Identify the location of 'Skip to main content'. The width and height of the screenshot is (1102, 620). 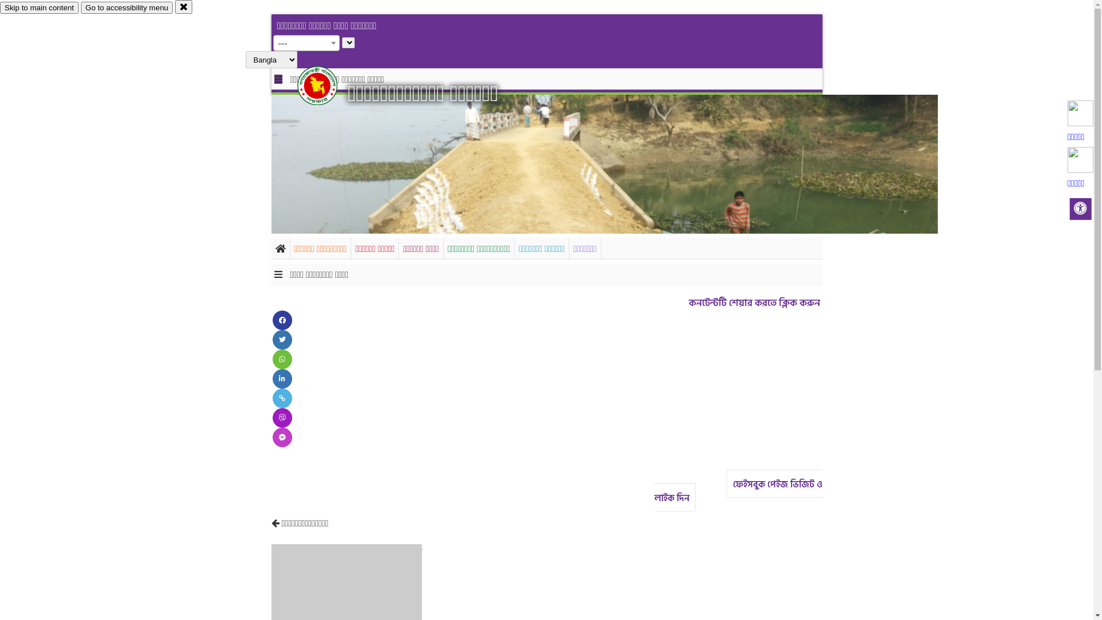
(39, 7).